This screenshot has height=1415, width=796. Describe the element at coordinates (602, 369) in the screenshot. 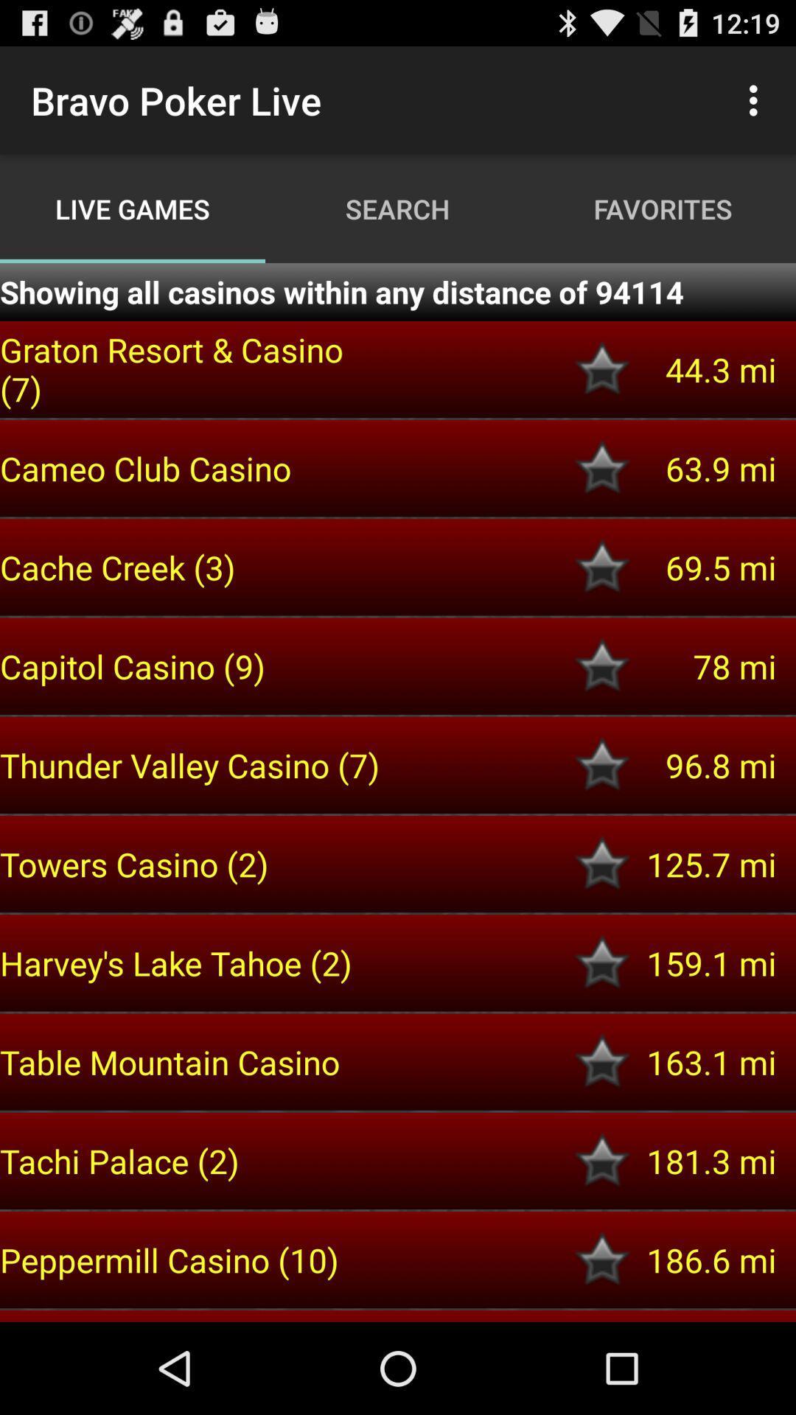

I see `item to favorites` at that location.